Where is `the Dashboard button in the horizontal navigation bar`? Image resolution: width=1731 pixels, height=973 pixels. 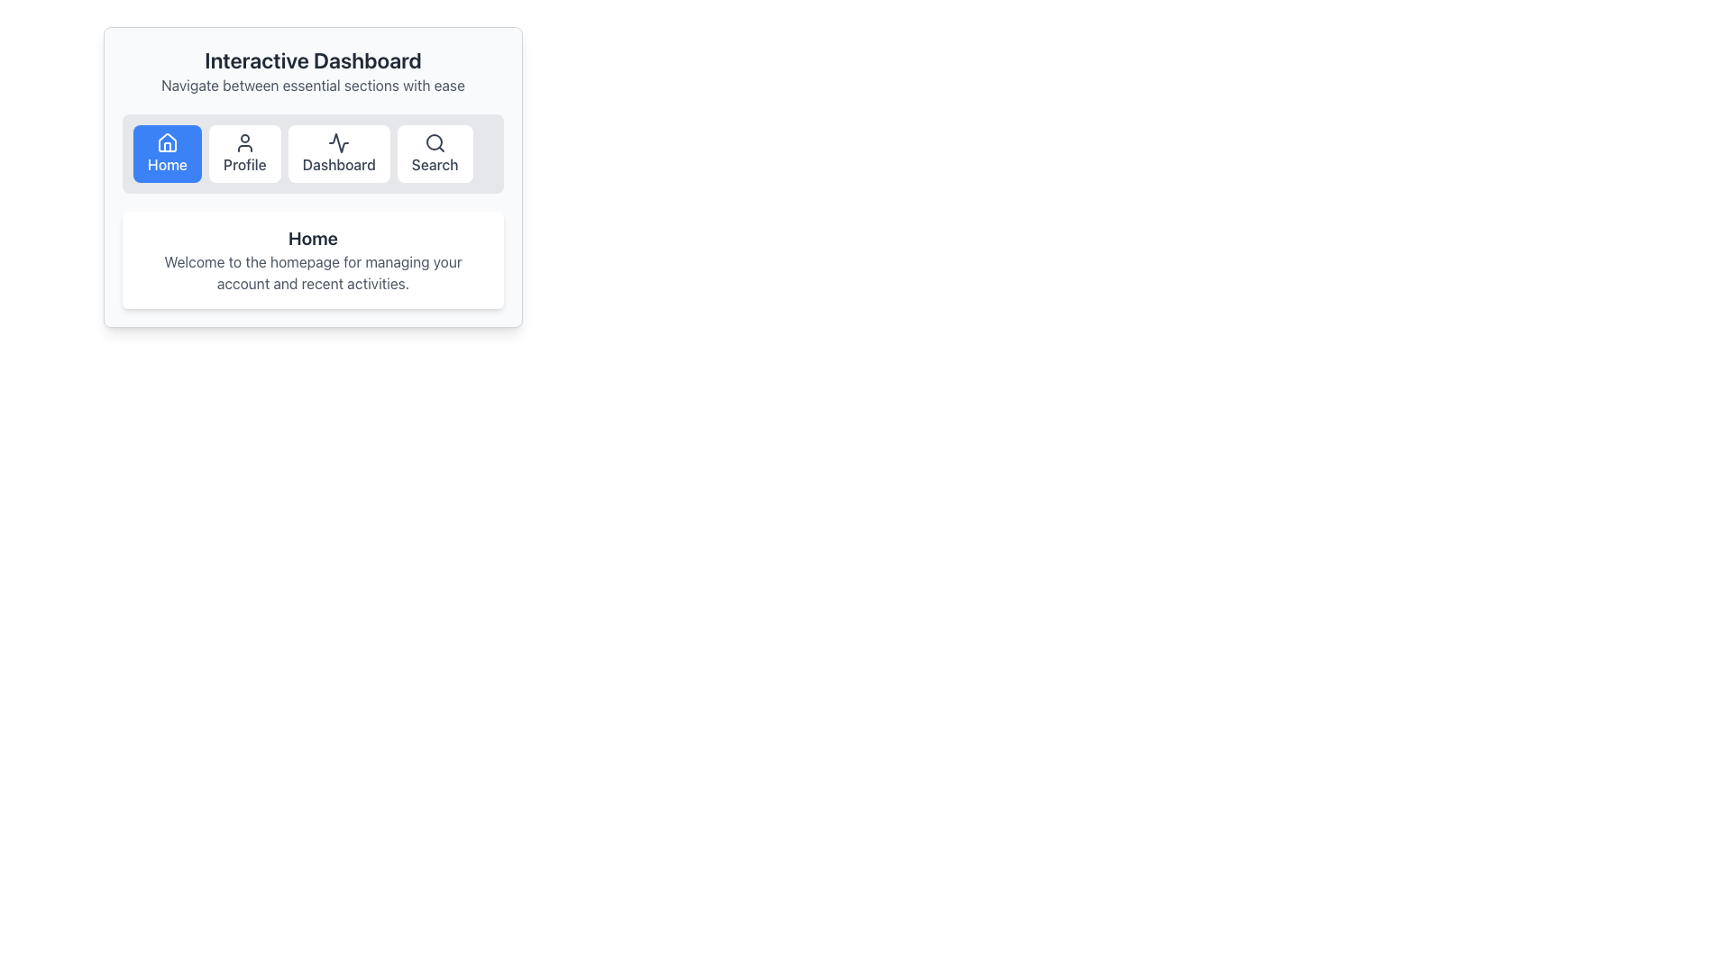 the Dashboard button in the horizontal navigation bar is located at coordinates (339, 152).